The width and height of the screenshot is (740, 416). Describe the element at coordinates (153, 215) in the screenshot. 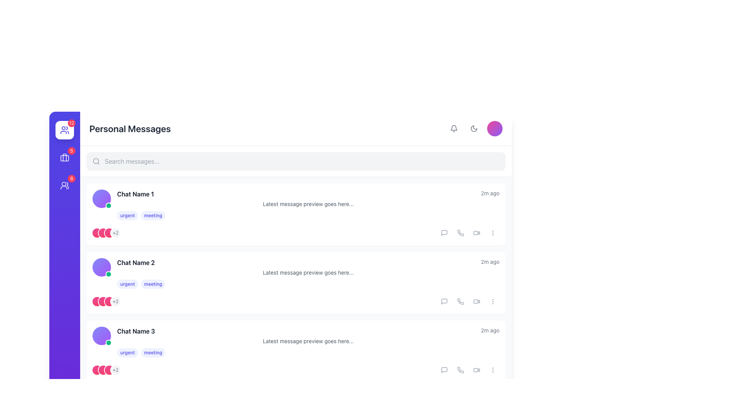

I see `the lavender pill-shaped label containing the text 'meeting', located to the right of the 'urgent' label in the chat preview row for 'Chat Name 1'` at that location.